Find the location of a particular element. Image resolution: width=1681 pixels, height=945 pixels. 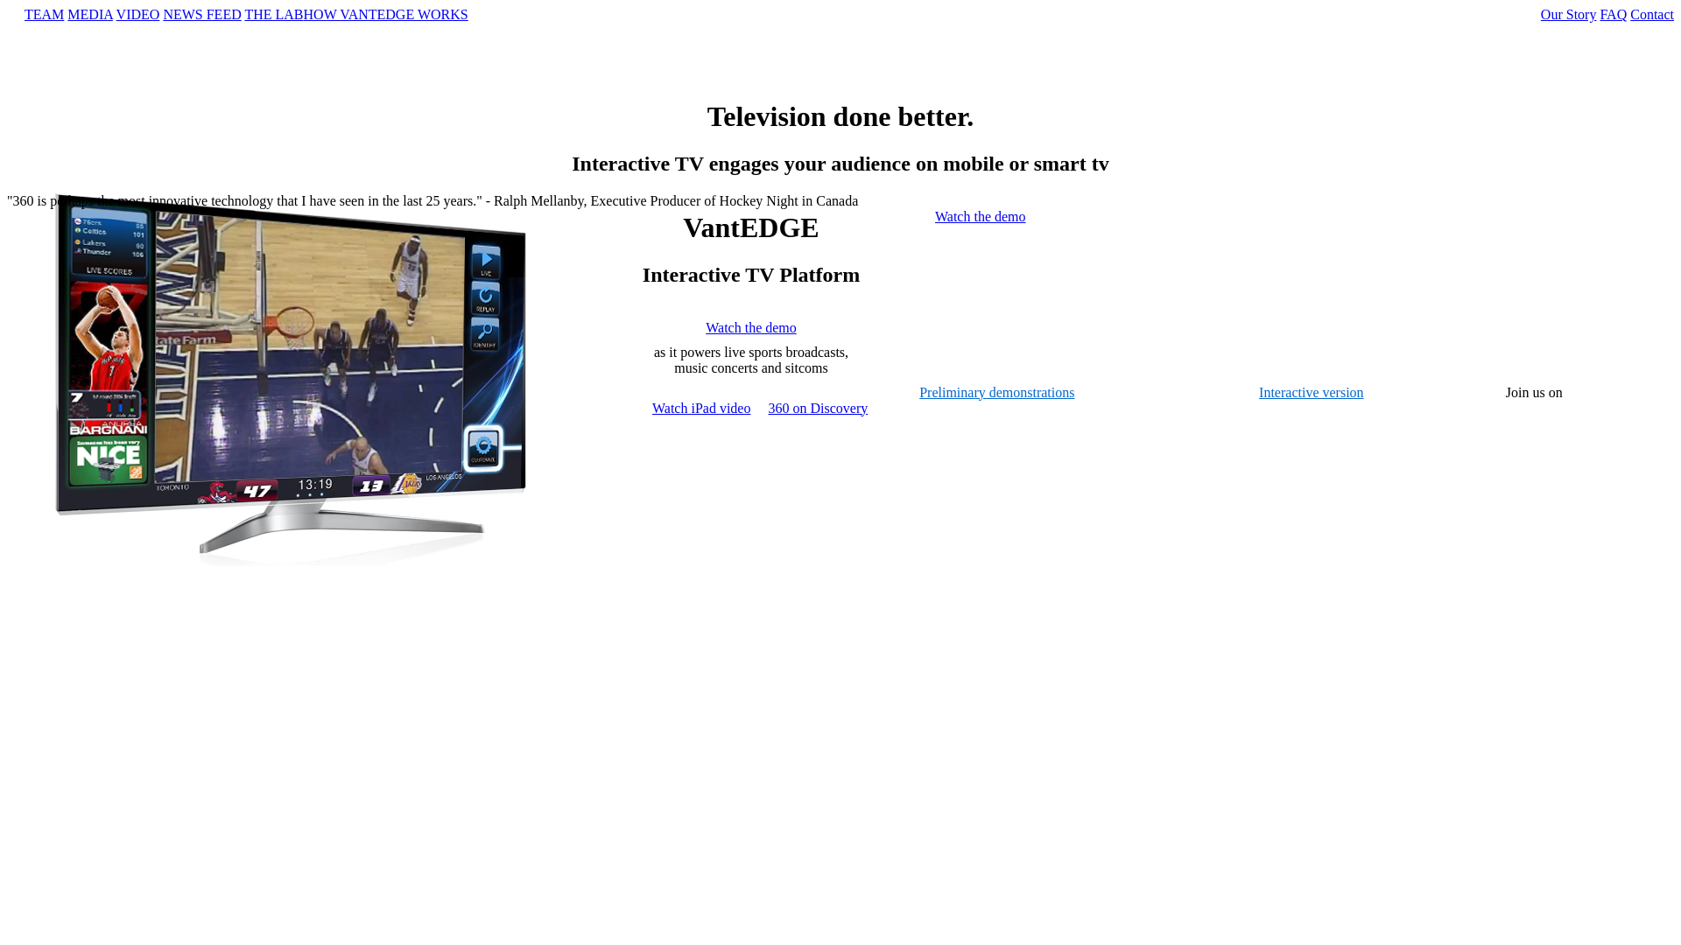

'Our Story' is located at coordinates (1568, 14).